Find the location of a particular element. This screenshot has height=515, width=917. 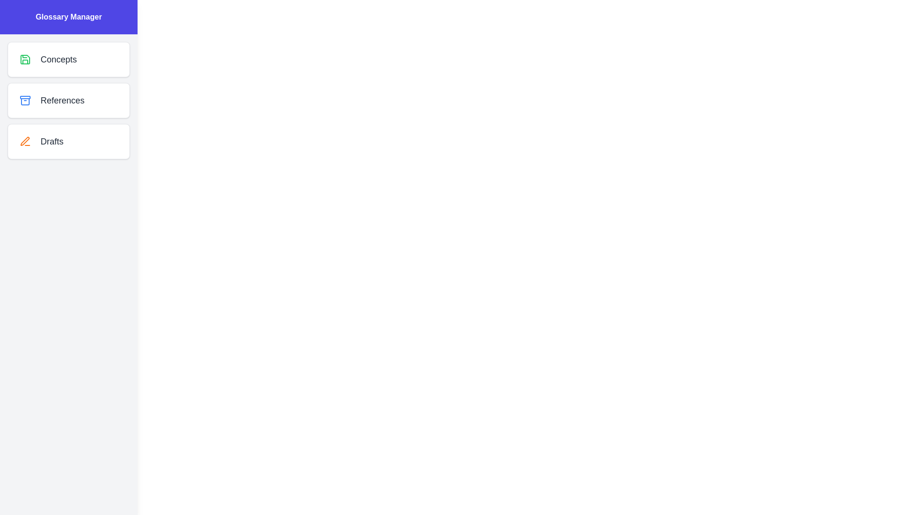

the icon next to the Drafts category is located at coordinates (25, 142).